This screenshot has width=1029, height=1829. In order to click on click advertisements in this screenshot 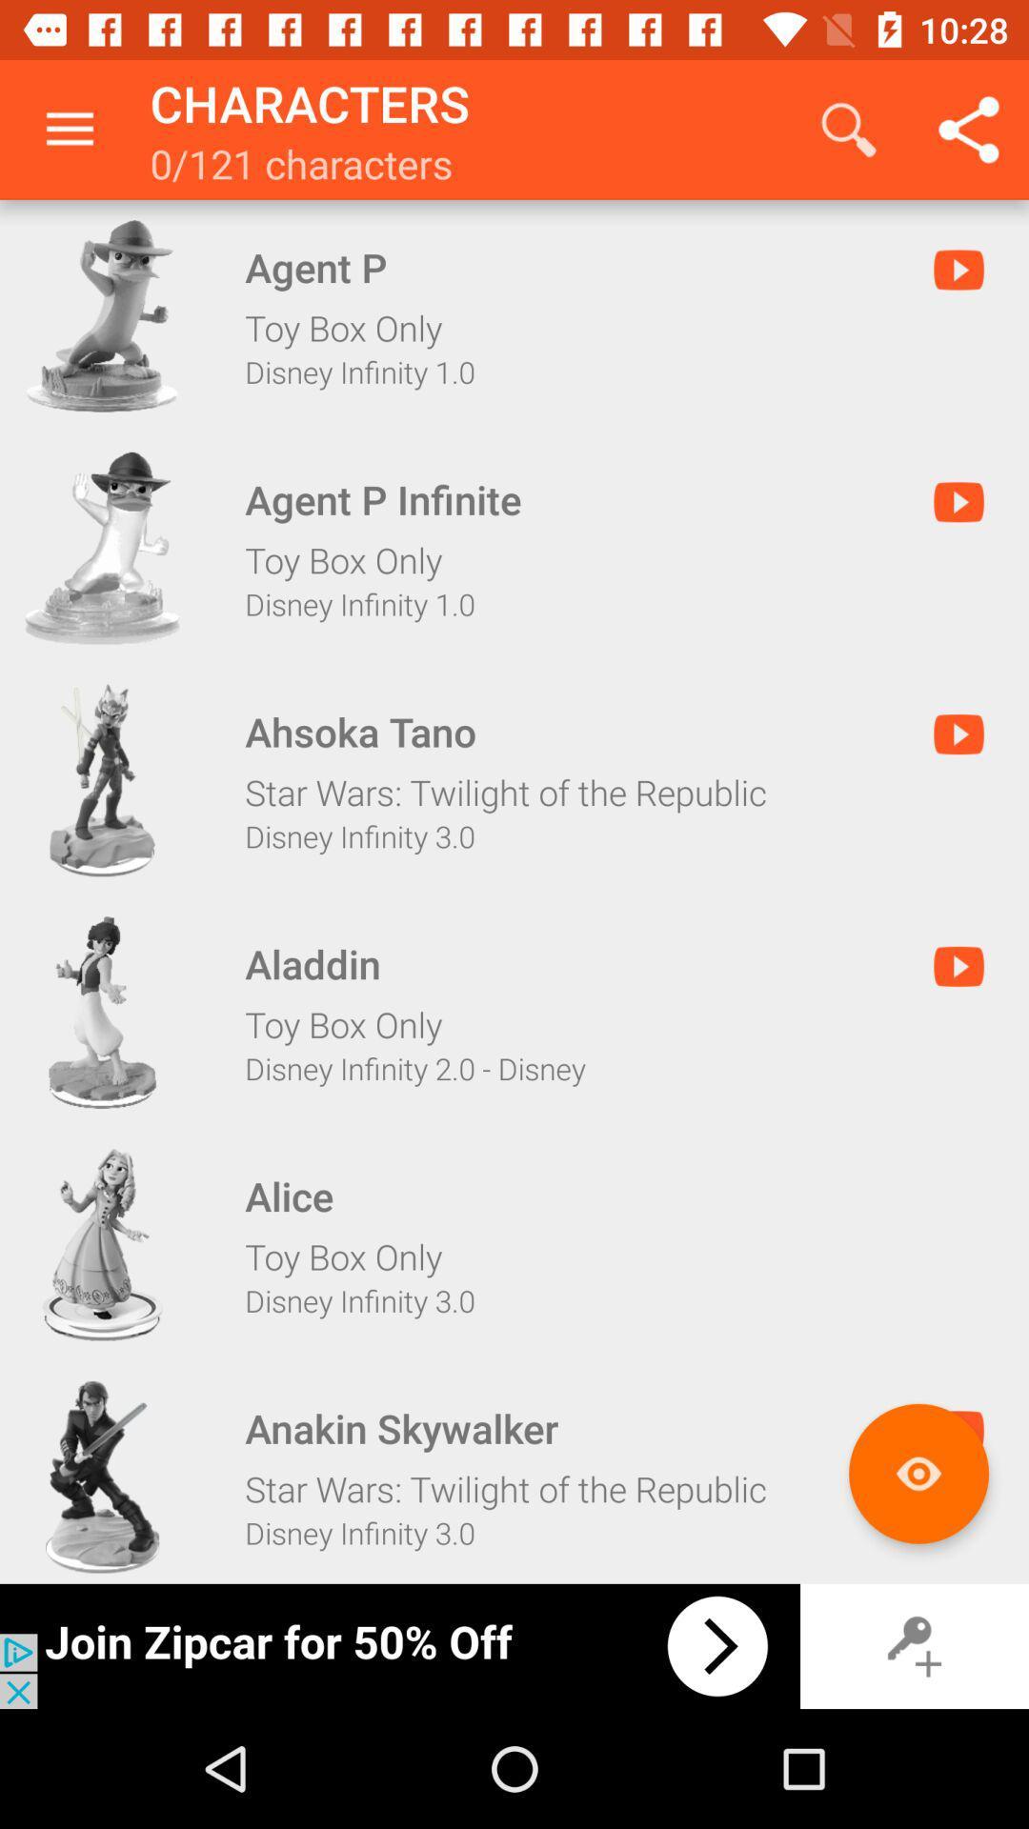, I will do `click(399, 1645)`.